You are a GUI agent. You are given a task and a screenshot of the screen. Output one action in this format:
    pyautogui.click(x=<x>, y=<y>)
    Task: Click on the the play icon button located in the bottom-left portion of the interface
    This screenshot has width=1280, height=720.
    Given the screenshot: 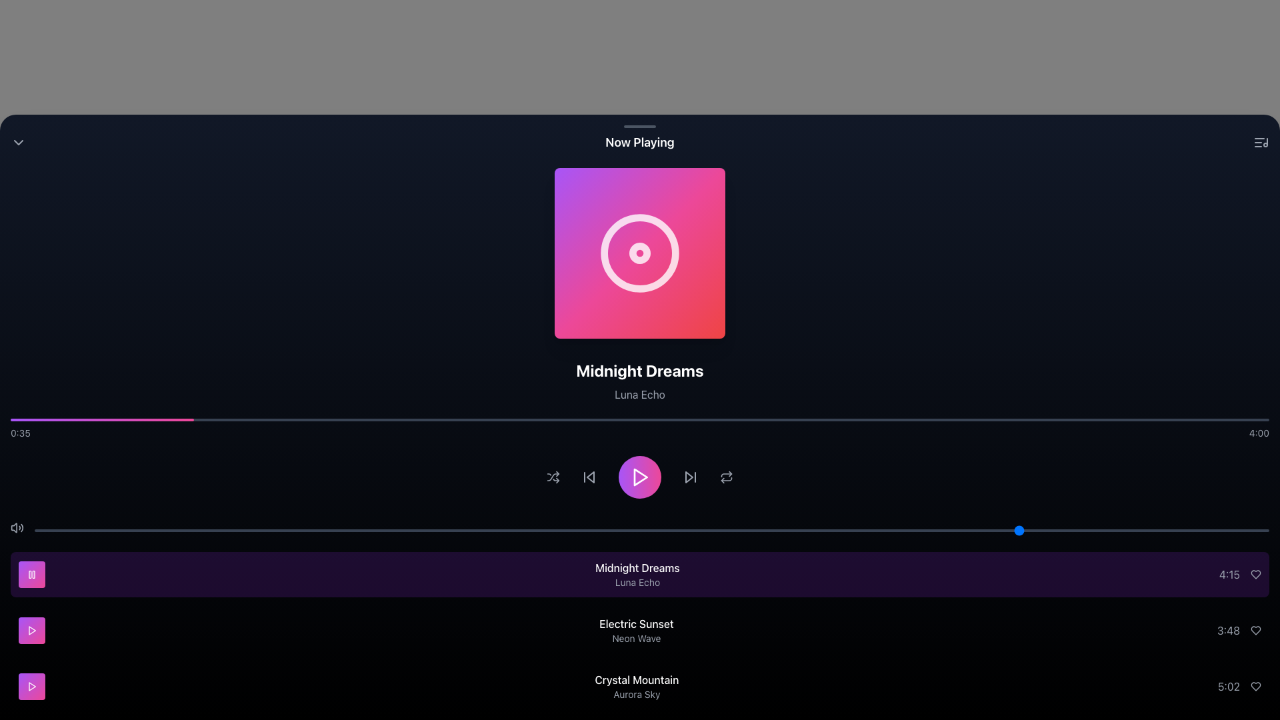 What is the action you would take?
    pyautogui.click(x=32, y=630)
    